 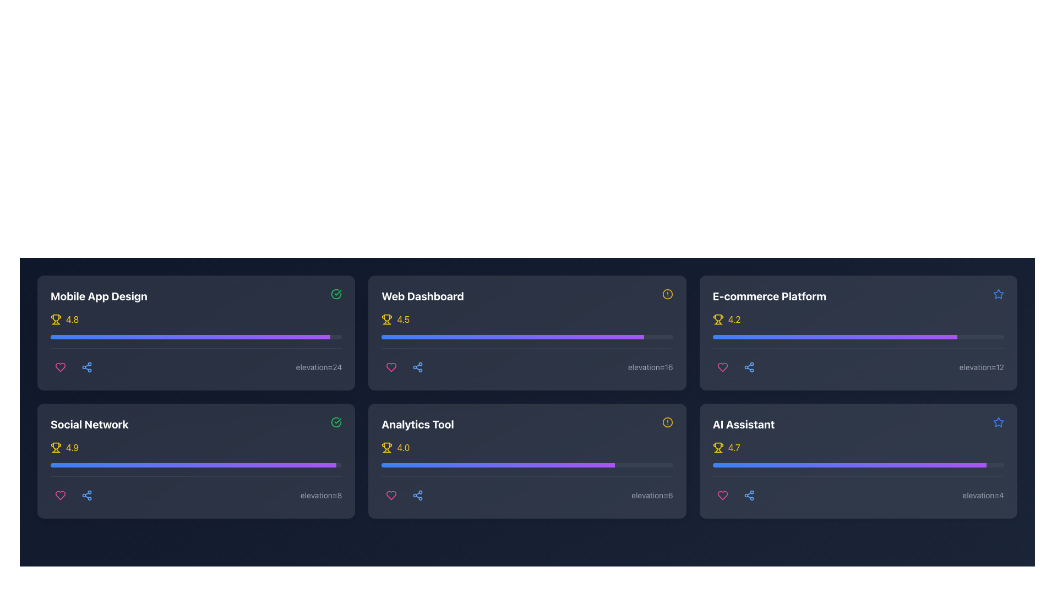 I want to click on the status indicator icon located at the top-right corner of the 'Social Network' card, so click(x=336, y=421).